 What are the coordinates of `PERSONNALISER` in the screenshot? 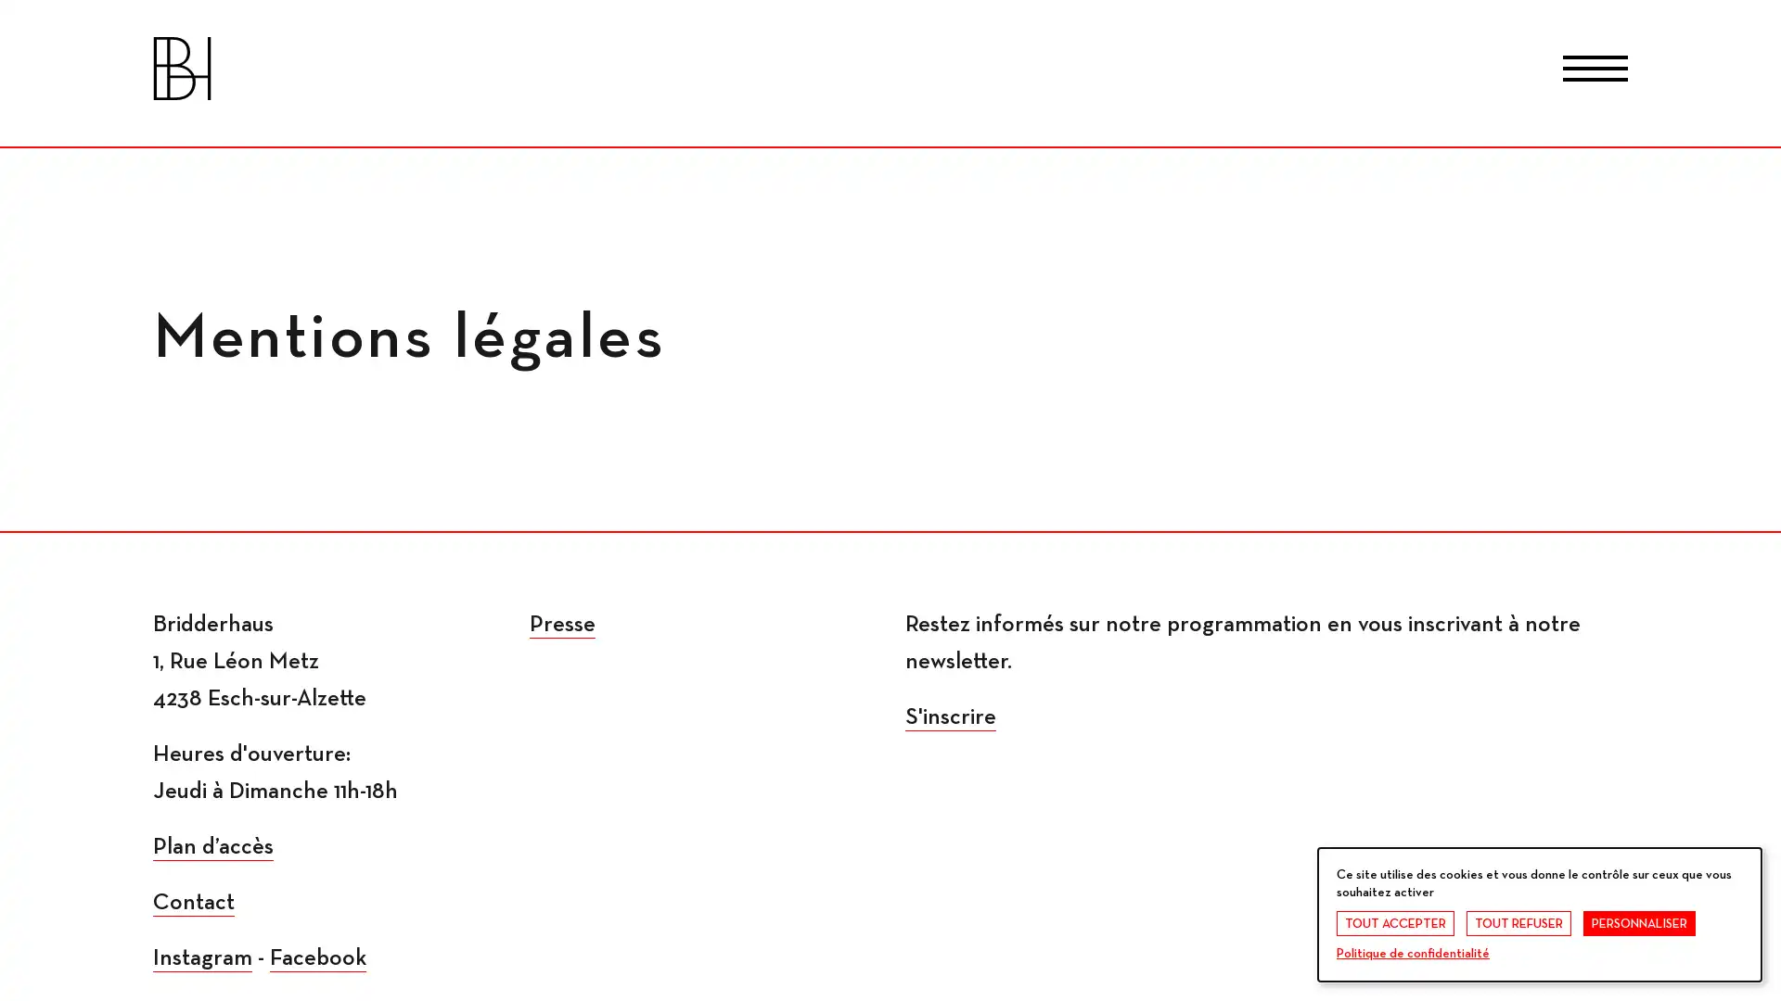 It's located at (1639, 923).